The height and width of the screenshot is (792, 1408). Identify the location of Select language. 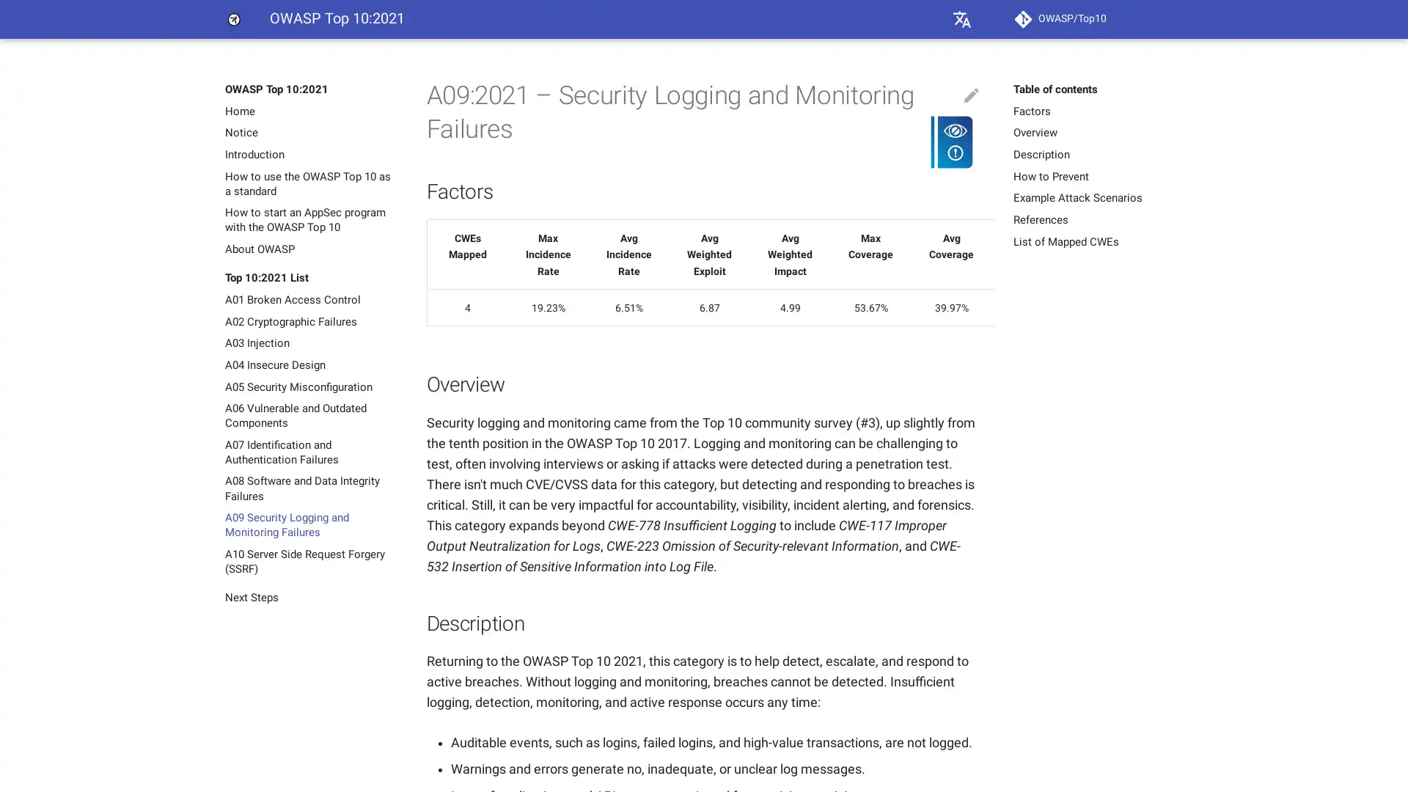
(961, 19).